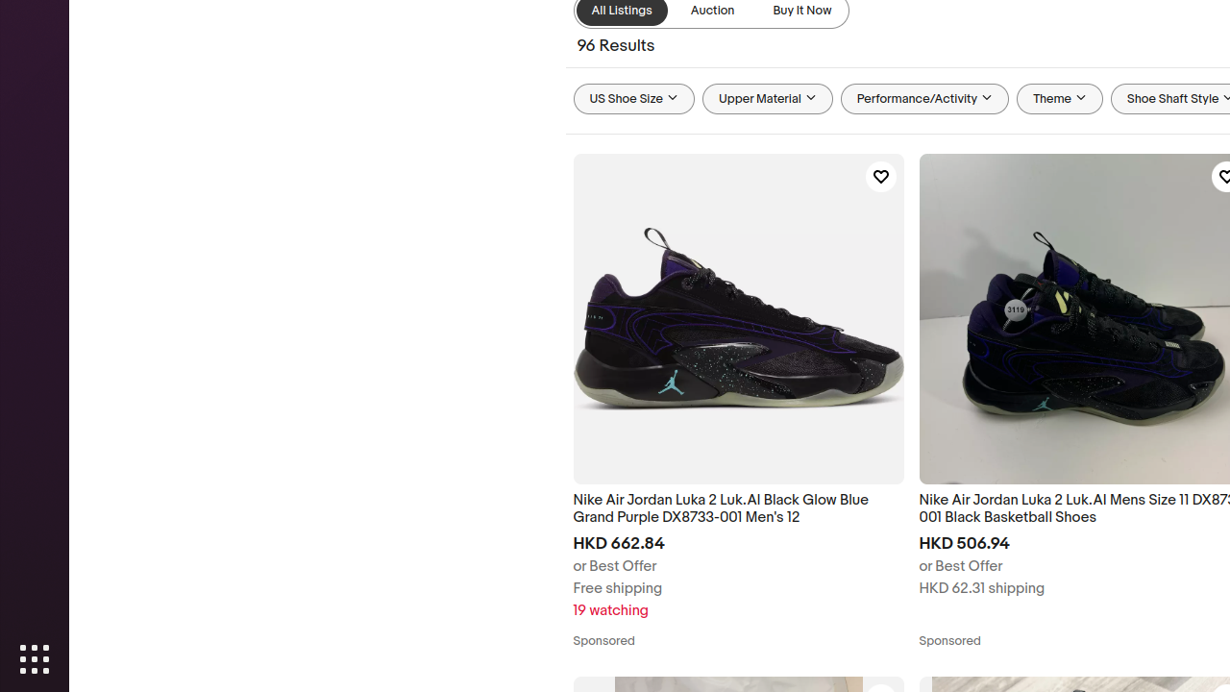  I want to click on 'US Shoe Size', so click(633, 99).